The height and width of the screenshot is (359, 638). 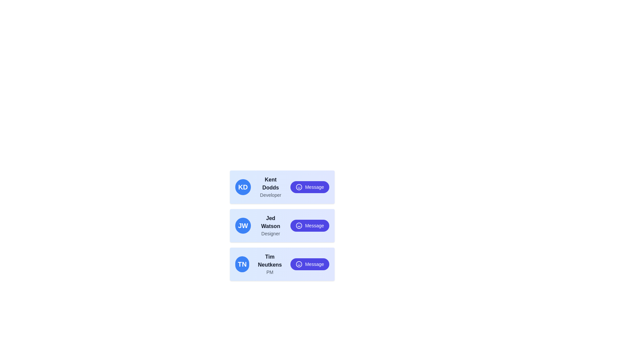 What do you see at coordinates (299, 225) in the screenshot?
I see `the decorative SVG circle that forms part of the smiley face icon in the 'Message' button next to the 'Jed Watson' profile` at bounding box center [299, 225].